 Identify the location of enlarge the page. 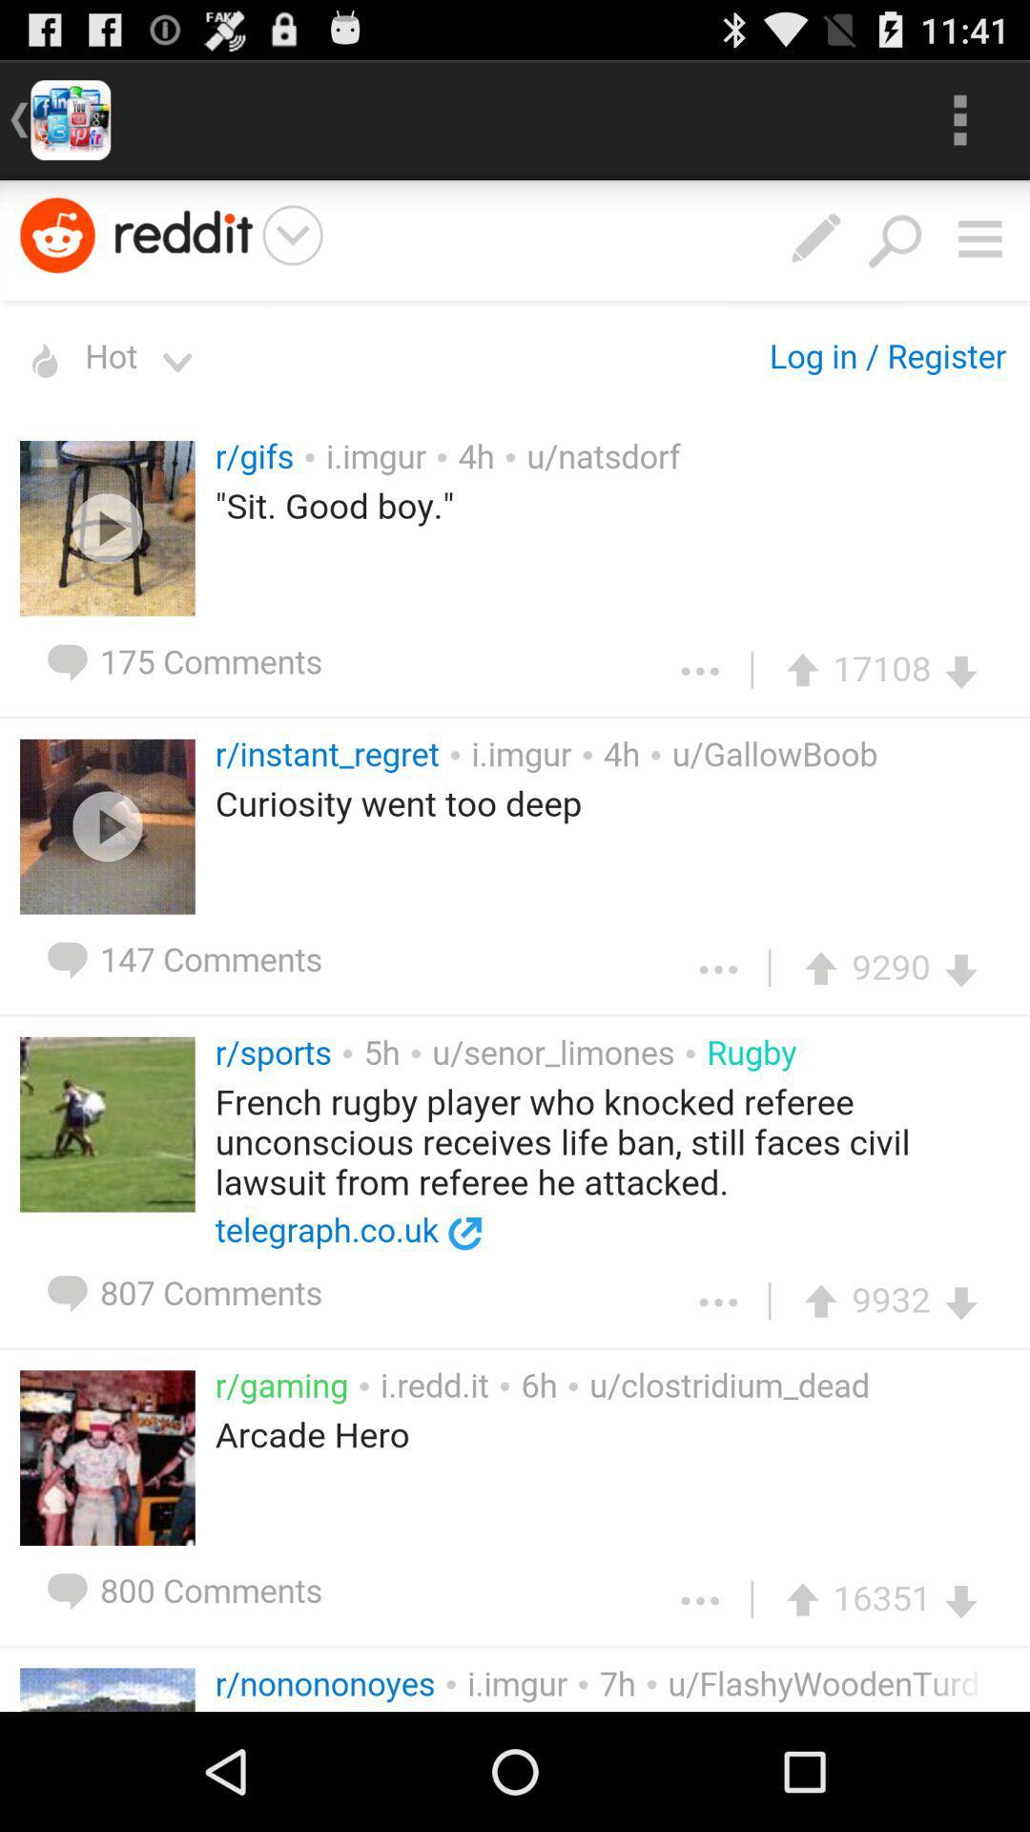
(515, 946).